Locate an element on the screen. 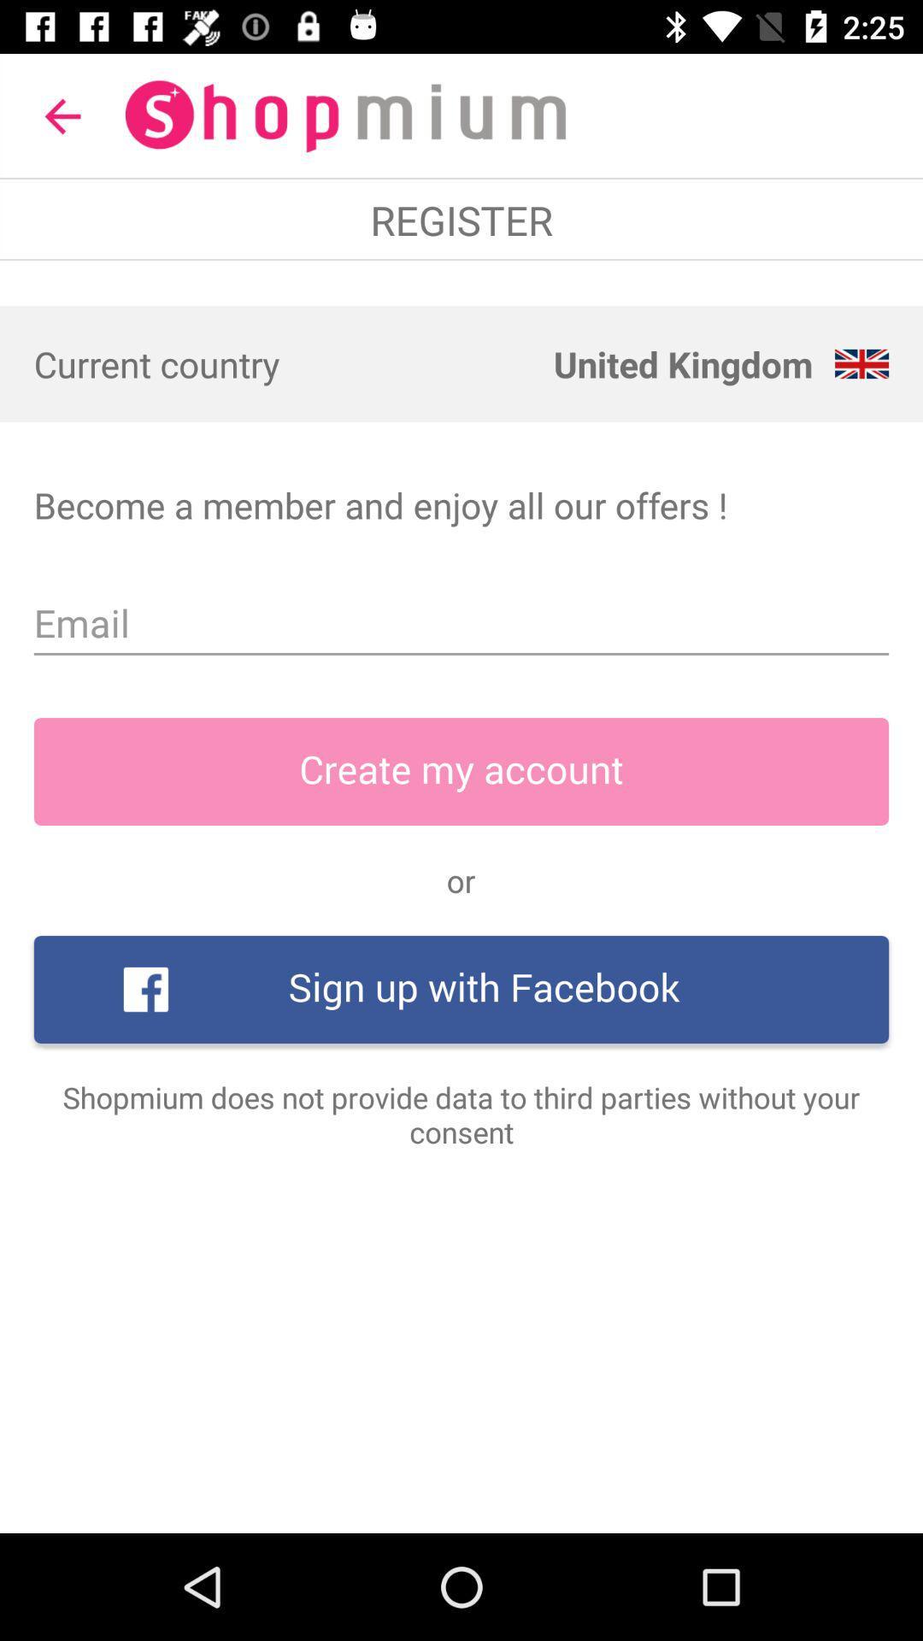  the sign up with item is located at coordinates (461, 989).